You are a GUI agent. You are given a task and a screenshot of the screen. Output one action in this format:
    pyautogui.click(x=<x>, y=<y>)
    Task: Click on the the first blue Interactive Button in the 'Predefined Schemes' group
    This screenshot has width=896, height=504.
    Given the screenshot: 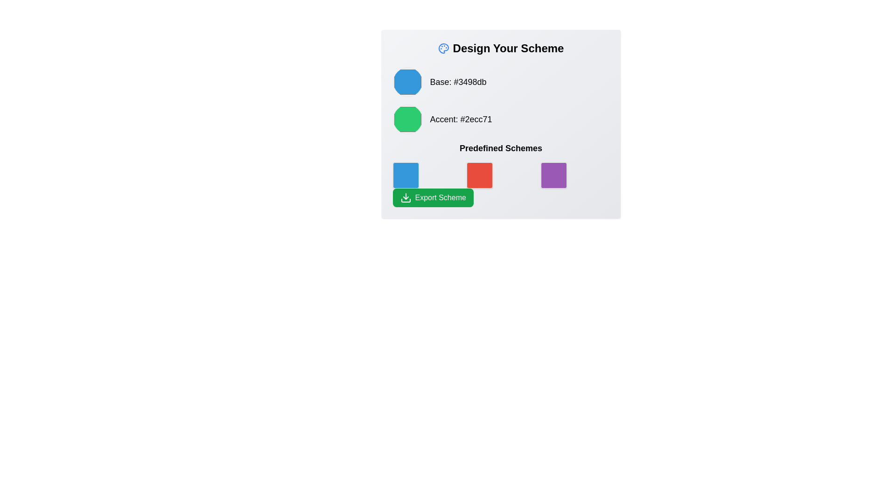 What is the action you would take?
    pyautogui.click(x=406, y=175)
    